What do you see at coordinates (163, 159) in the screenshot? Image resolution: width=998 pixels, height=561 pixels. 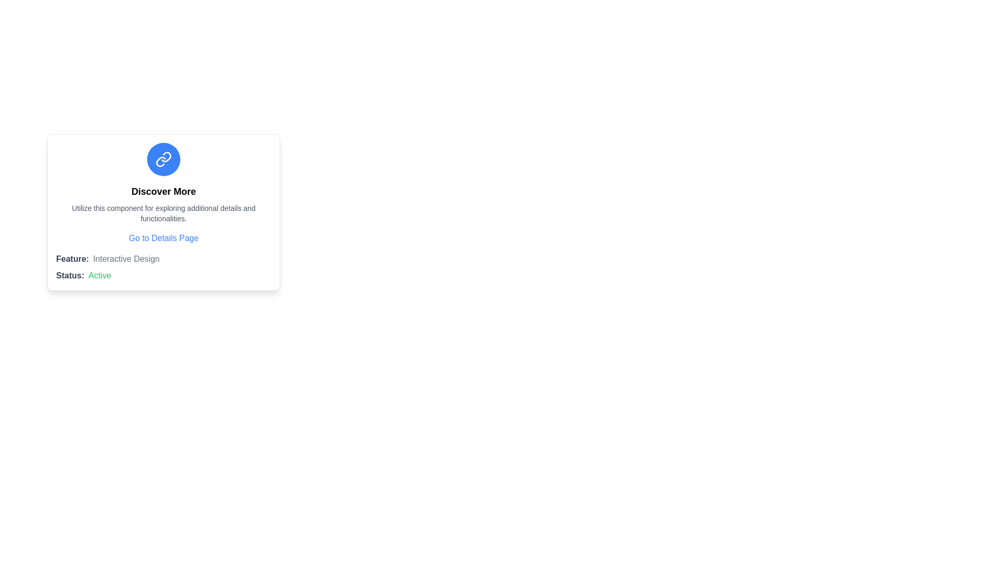 I see `the chain link icon with a blue circular background located above the text 'Discover More' in the card layout` at bounding box center [163, 159].